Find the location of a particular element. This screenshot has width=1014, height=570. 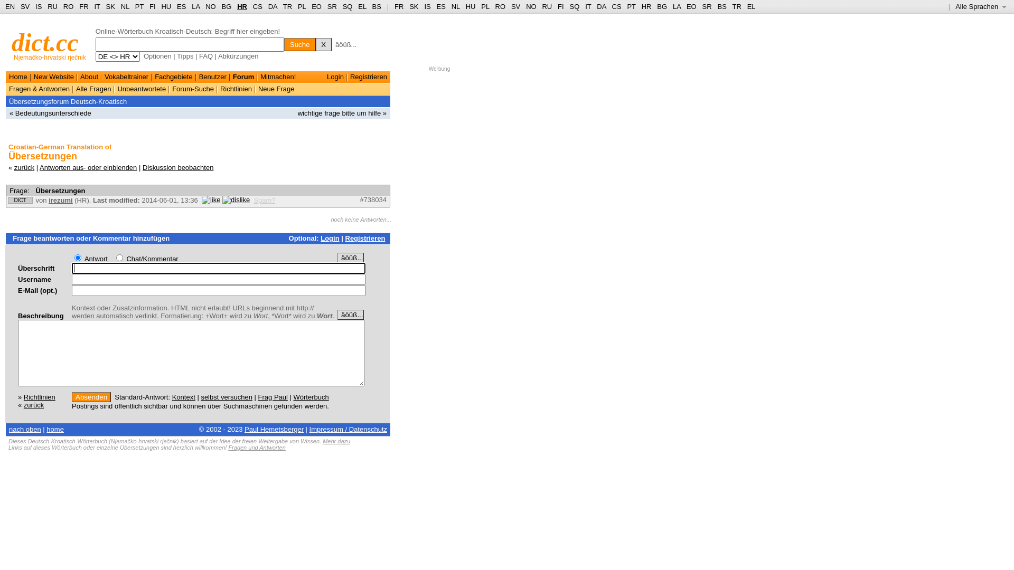

'LA' is located at coordinates (195, 6).